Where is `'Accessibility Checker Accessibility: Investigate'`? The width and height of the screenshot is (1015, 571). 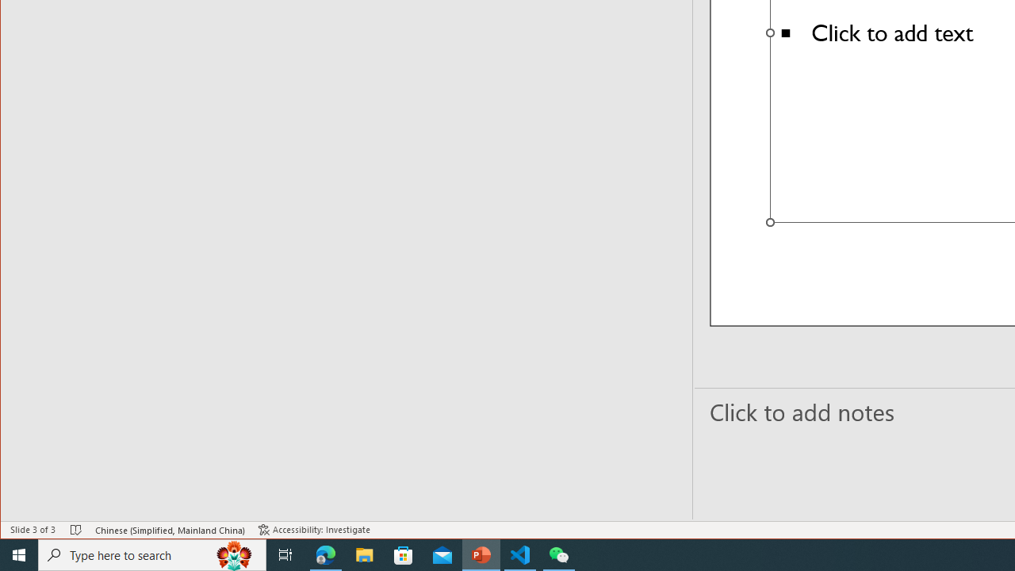 'Accessibility Checker Accessibility: Investigate' is located at coordinates (314, 530).